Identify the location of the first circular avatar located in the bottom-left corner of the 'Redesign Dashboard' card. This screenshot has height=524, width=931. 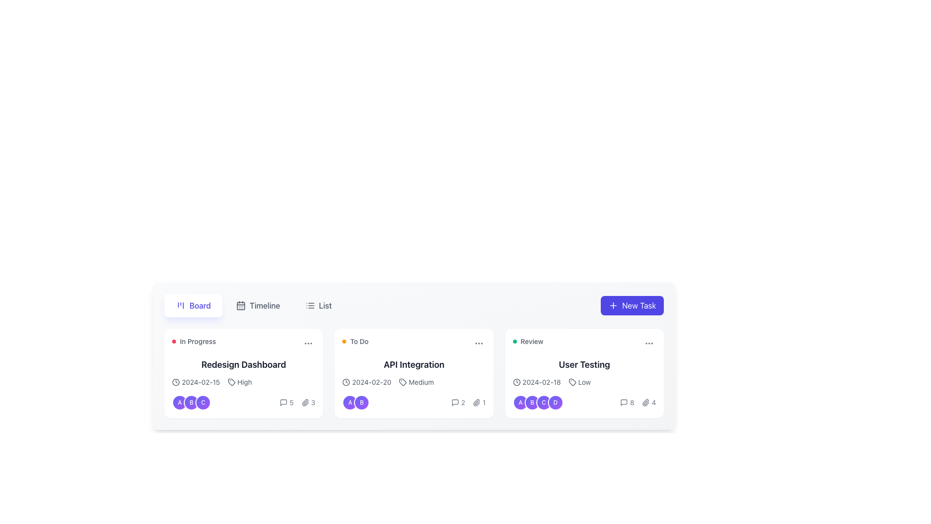
(179, 402).